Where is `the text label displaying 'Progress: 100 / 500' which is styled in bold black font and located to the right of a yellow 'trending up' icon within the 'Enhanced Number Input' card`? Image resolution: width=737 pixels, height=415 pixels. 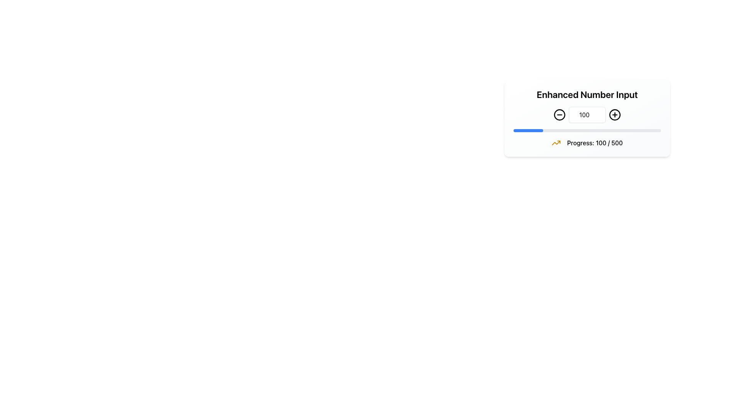
the text label displaying 'Progress: 100 / 500' which is styled in bold black font and located to the right of a yellow 'trending up' icon within the 'Enhanced Number Input' card is located at coordinates (595, 143).